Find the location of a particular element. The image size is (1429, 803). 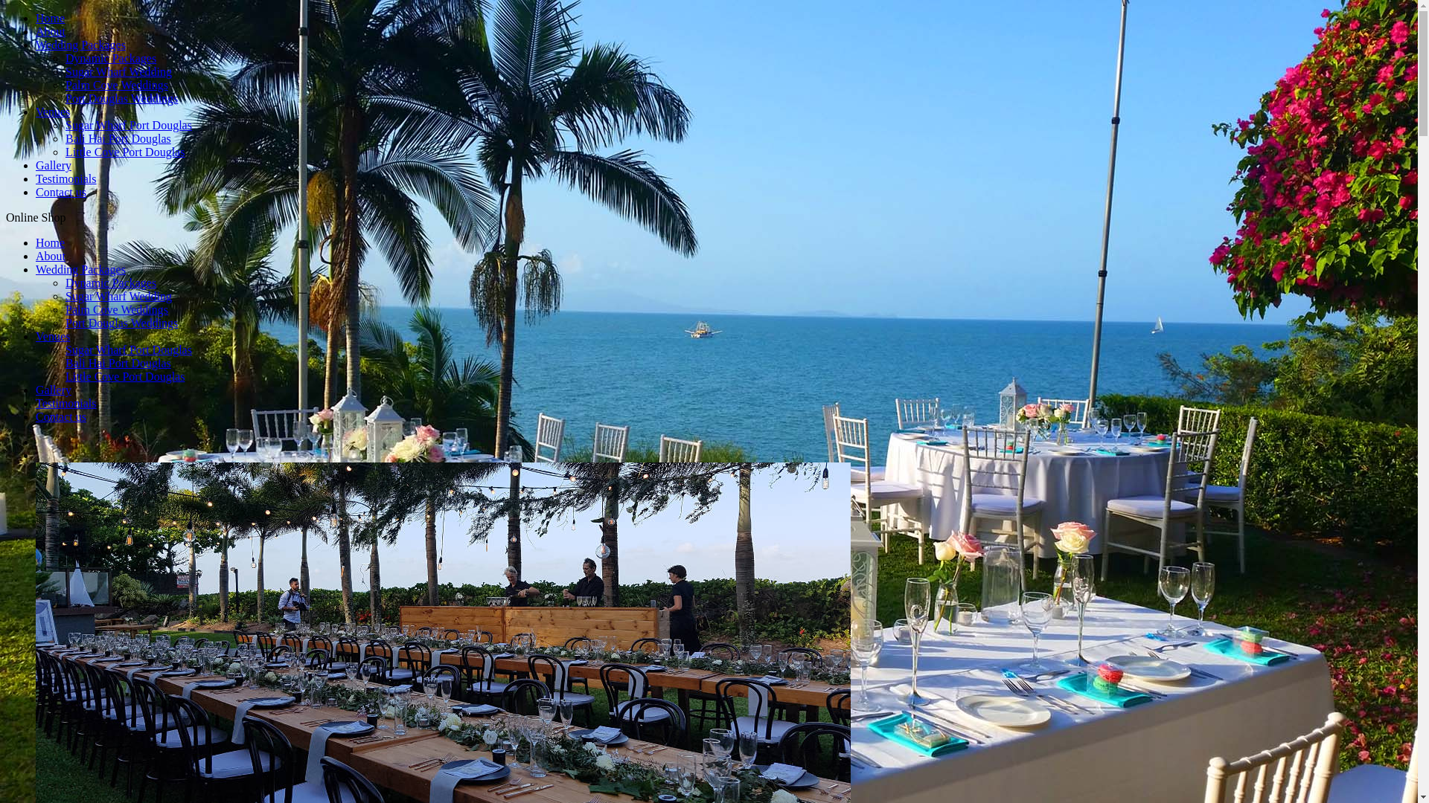

'Venues' is located at coordinates (53, 336).